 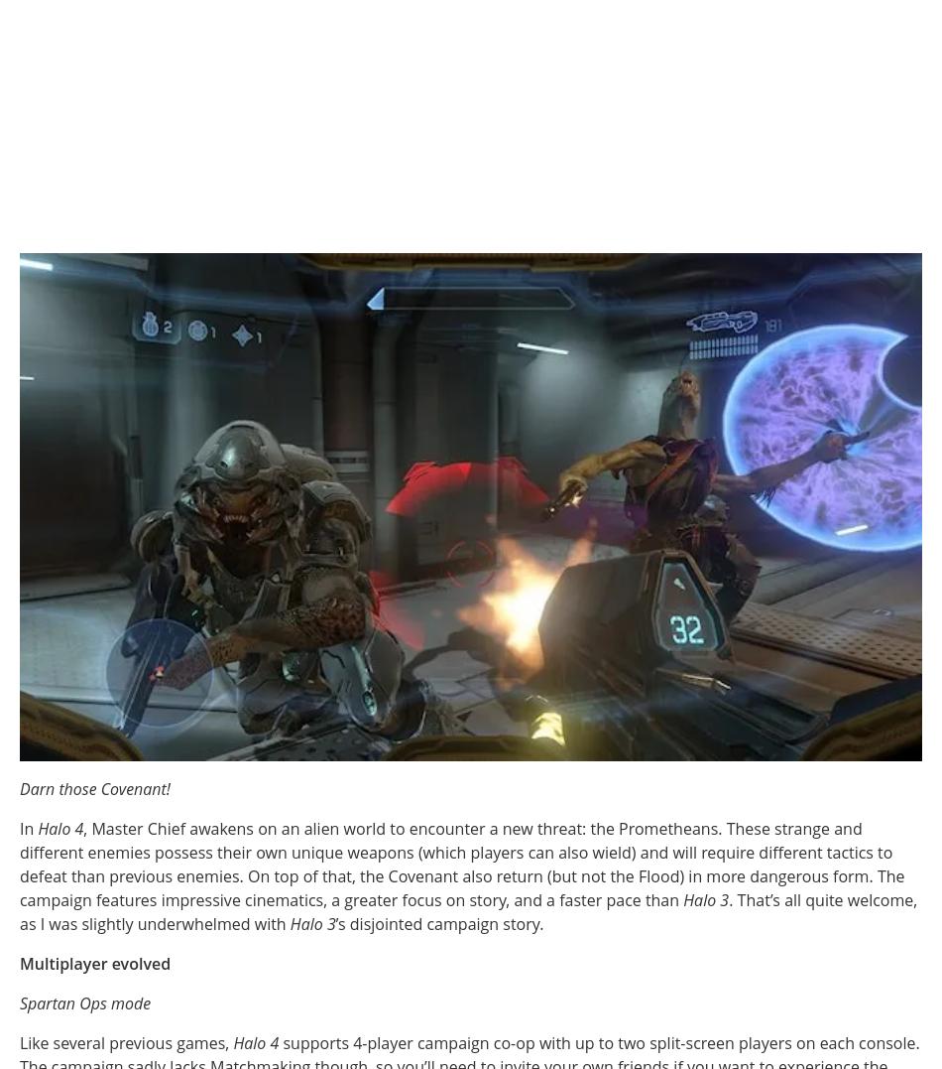 I want to click on 'Multiplayer evolved', so click(x=95, y=962).